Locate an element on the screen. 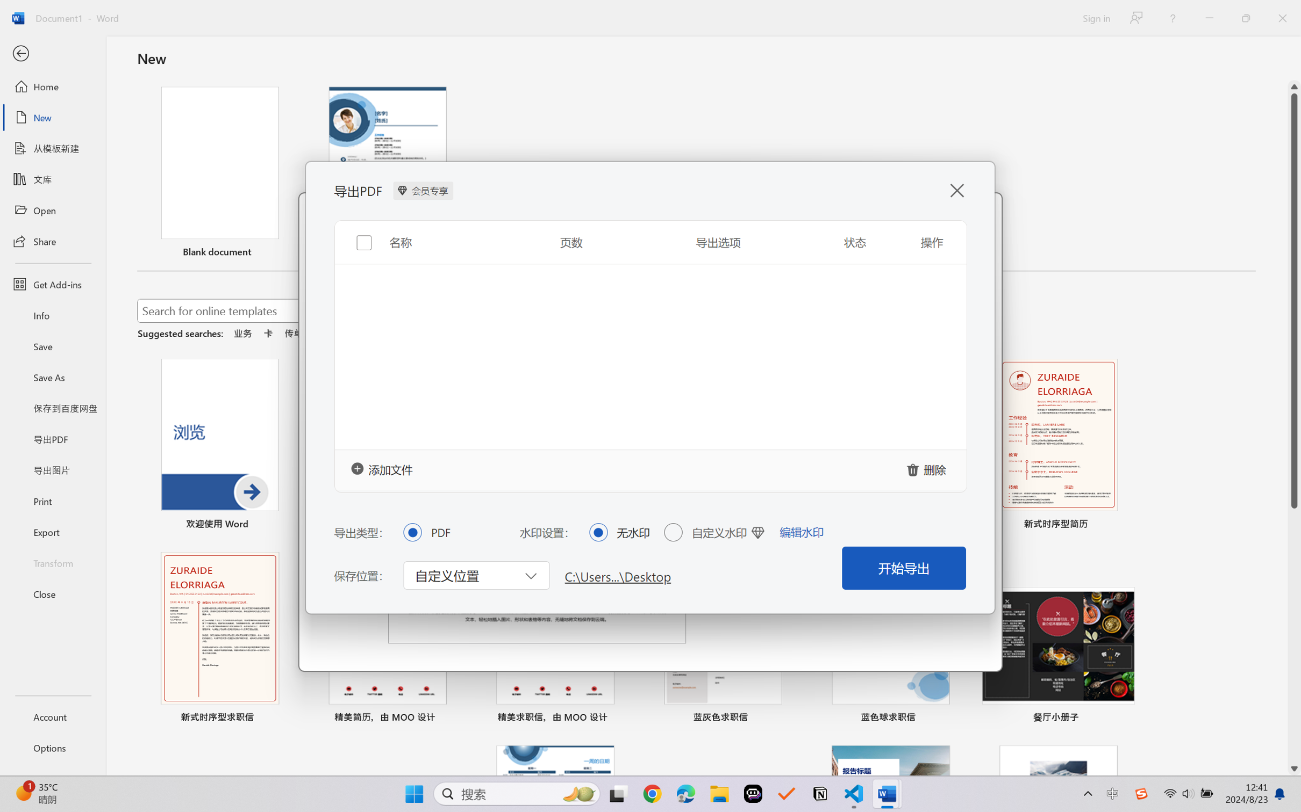  'Options' is located at coordinates (52, 747).